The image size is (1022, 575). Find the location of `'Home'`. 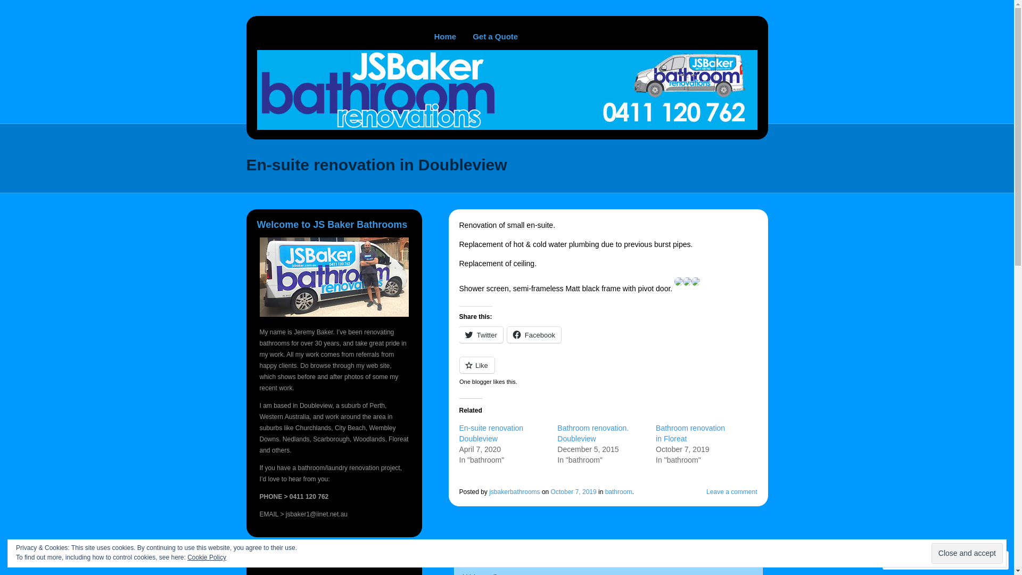

'Home' is located at coordinates (444, 36).